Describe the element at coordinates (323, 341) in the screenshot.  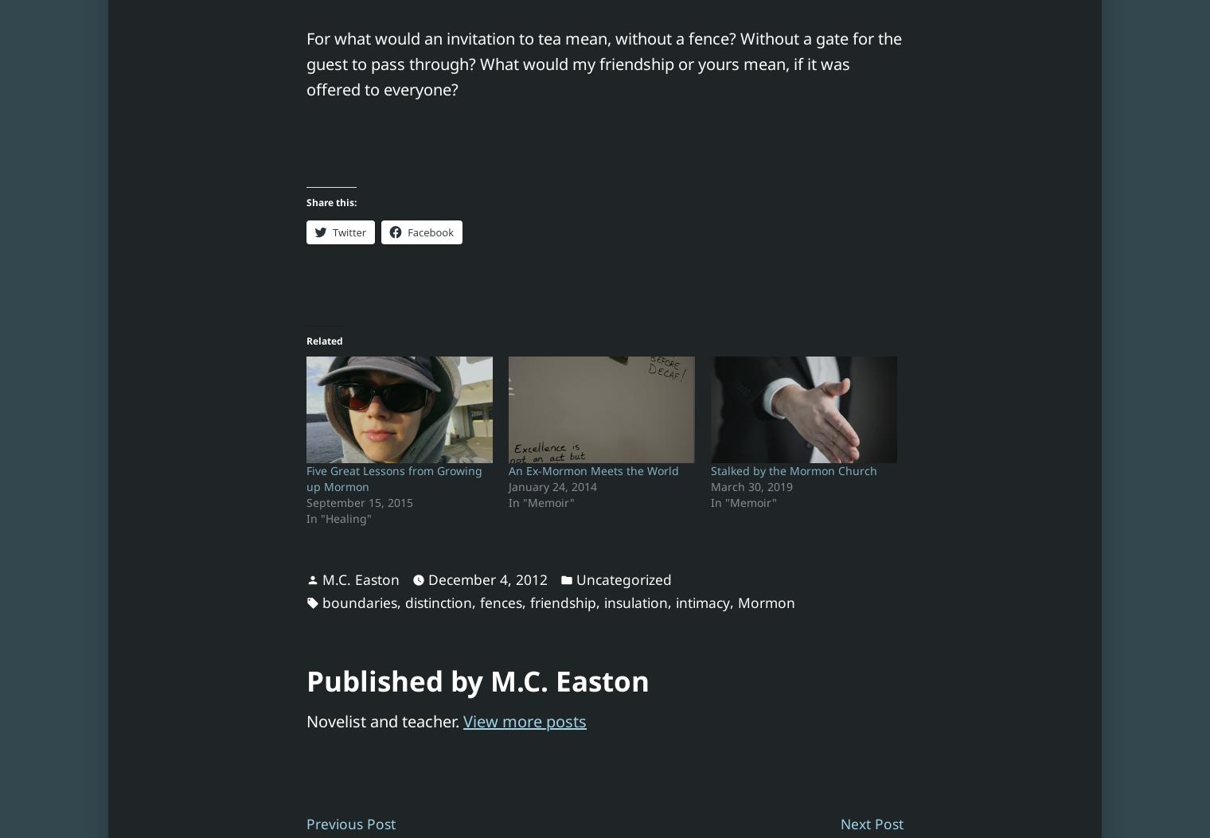
I see `'Related'` at that location.